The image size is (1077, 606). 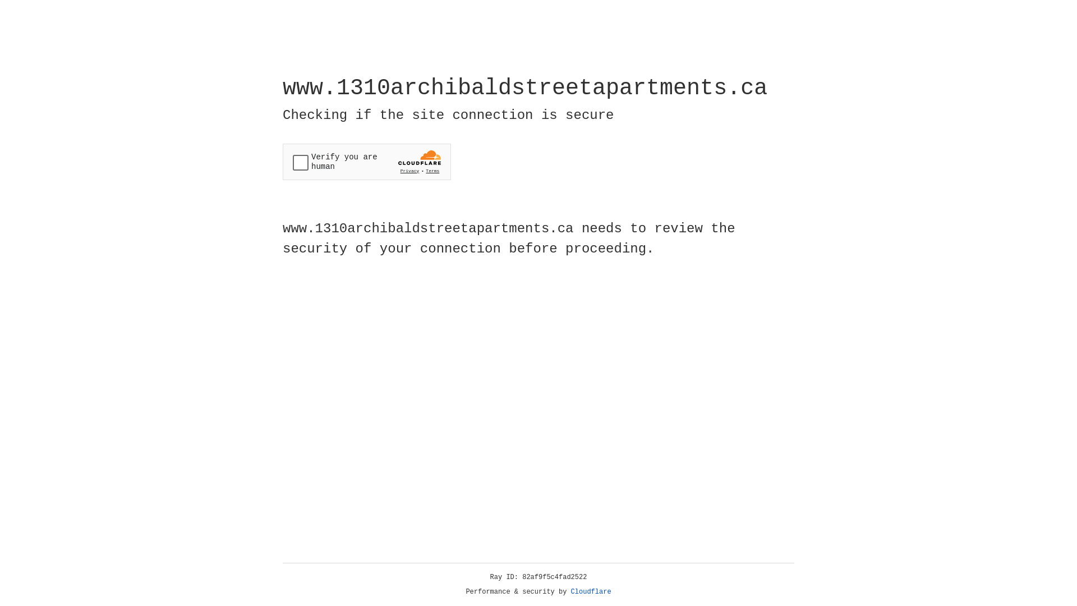 I want to click on 'Cloudflare', so click(x=591, y=591).